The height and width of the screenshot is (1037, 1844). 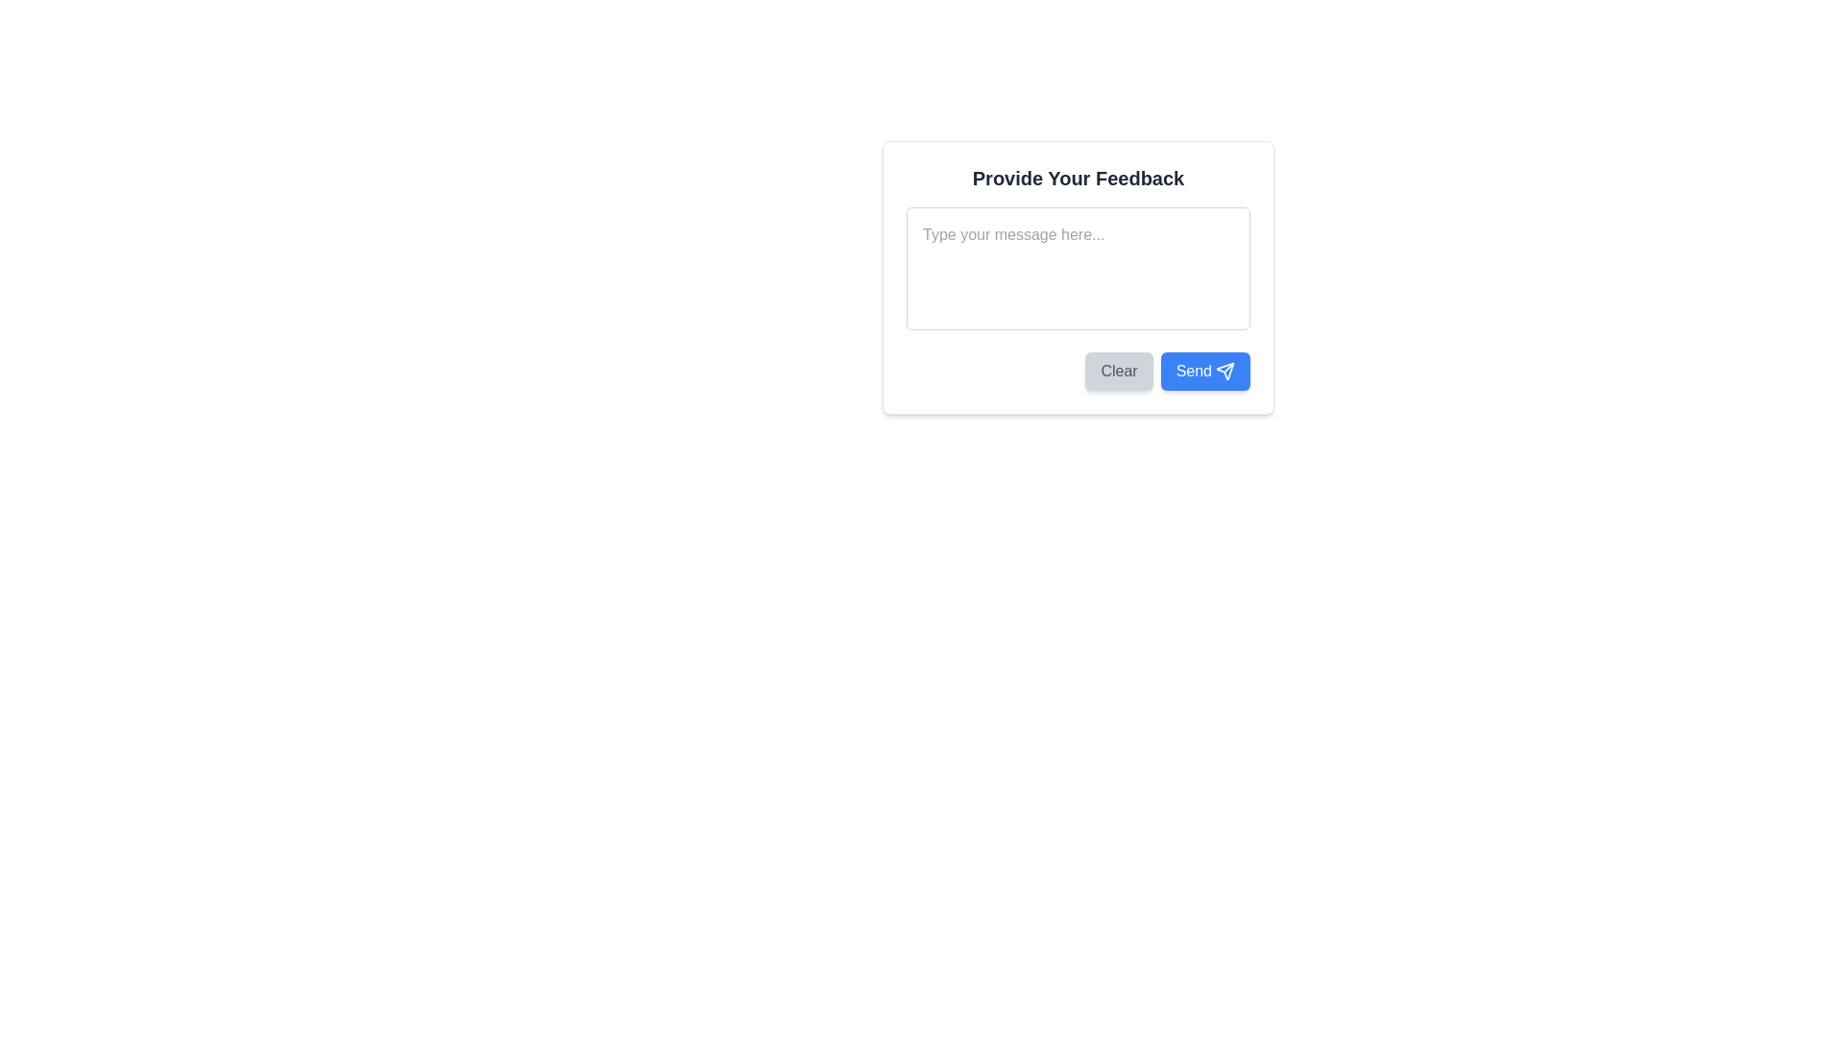 What do you see at coordinates (1119, 371) in the screenshot?
I see `the 'Clear' button` at bounding box center [1119, 371].